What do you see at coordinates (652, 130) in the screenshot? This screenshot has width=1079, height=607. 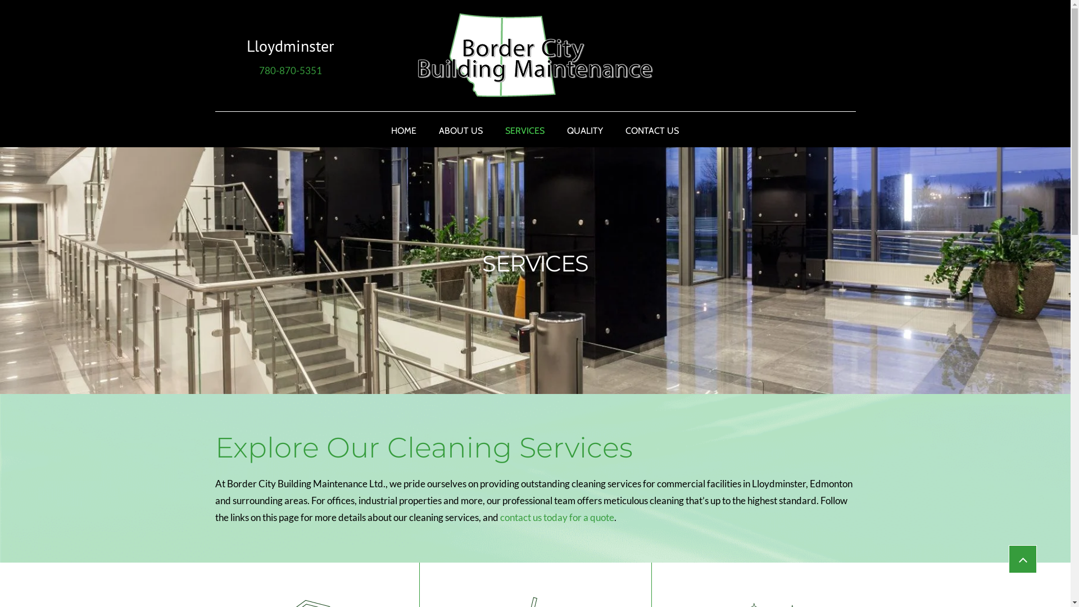 I see `'CONTACT US'` at bounding box center [652, 130].